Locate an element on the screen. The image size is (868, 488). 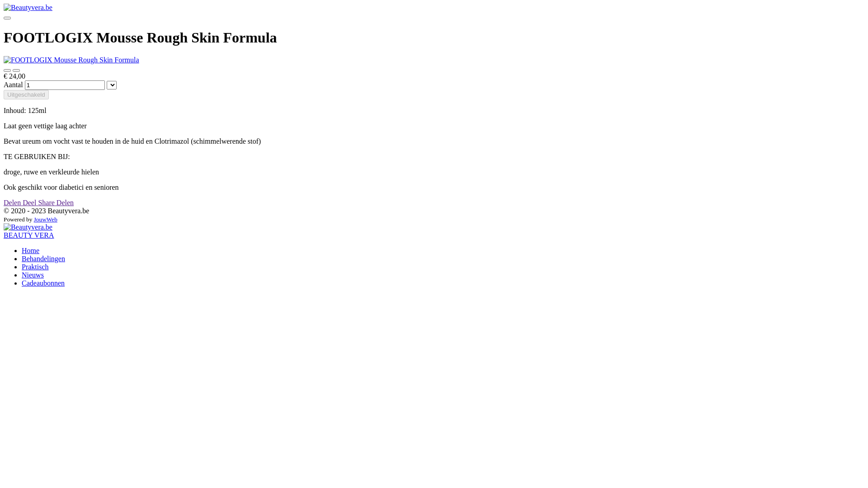
'Delen' is located at coordinates (13, 202).